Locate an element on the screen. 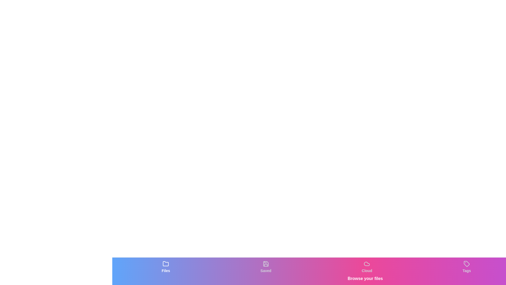 This screenshot has height=285, width=506. the tab labeled Files to observe visual feedback is located at coordinates (166, 267).